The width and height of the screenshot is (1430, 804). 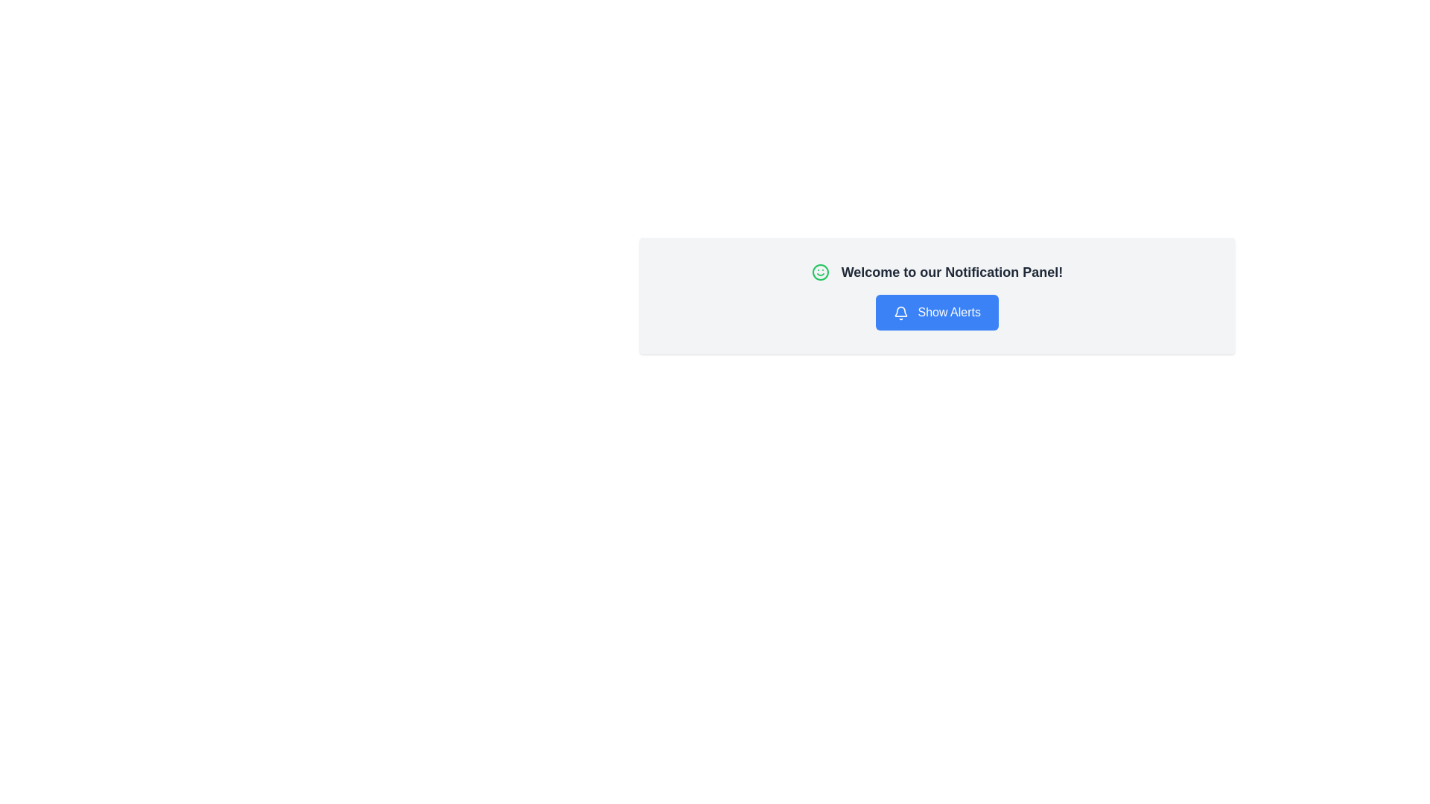 What do you see at coordinates (900, 312) in the screenshot?
I see `the blue rectangular button labeled 'Show Alerts' that contains the bell icon` at bounding box center [900, 312].